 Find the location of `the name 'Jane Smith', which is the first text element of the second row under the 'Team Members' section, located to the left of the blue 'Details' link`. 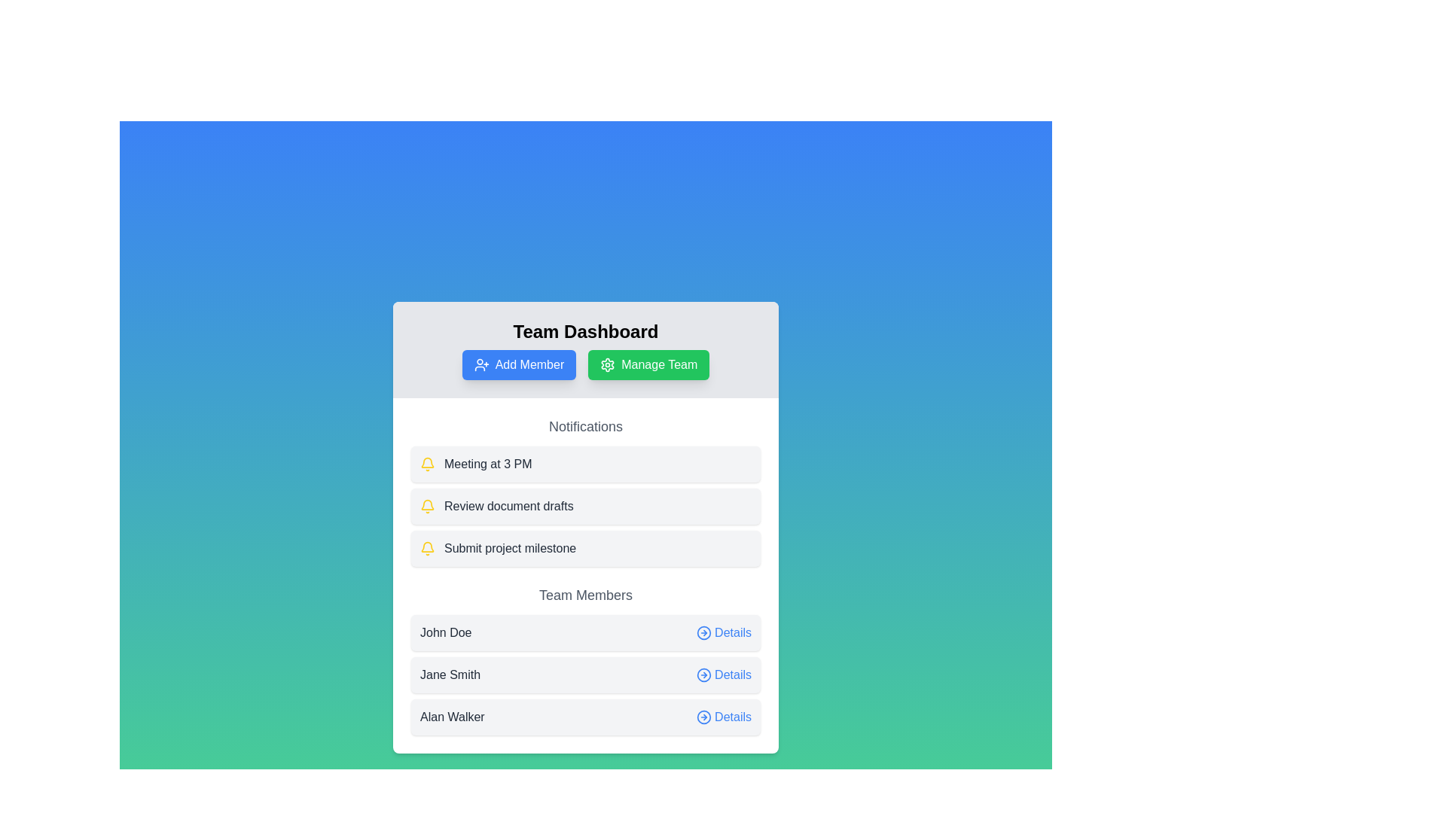

the name 'Jane Smith', which is the first text element of the second row under the 'Team Members' section, located to the left of the blue 'Details' link is located at coordinates (450, 674).